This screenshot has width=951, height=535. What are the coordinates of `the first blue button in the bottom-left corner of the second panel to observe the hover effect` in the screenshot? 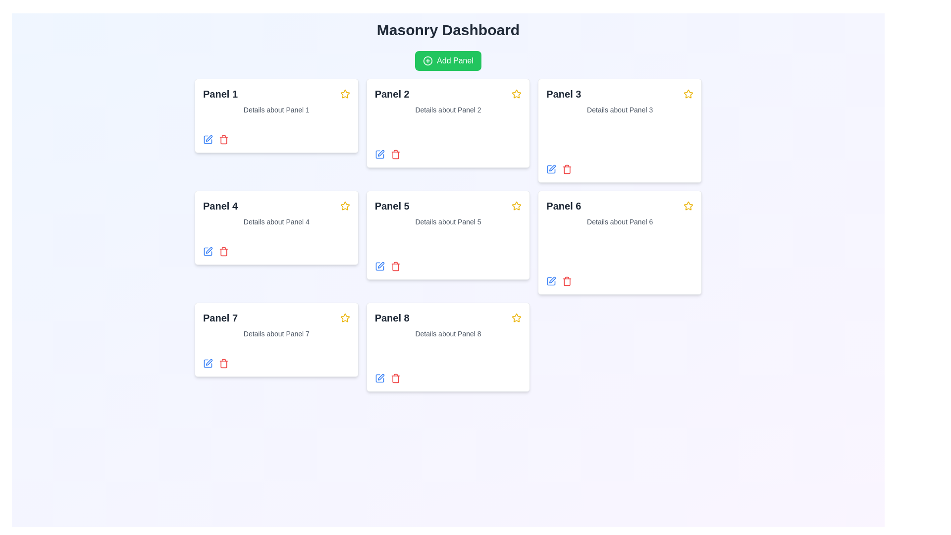 It's located at (379, 155).